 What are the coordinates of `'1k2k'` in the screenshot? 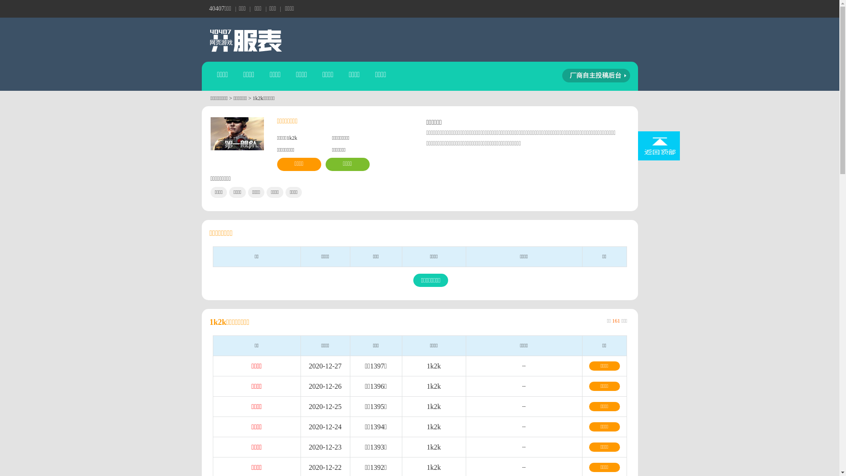 It's located at (433, 366).